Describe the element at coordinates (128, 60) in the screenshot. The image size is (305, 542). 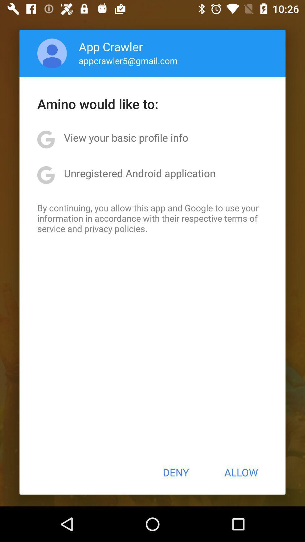
I see `appcrawler5@gmail.com` at that location.